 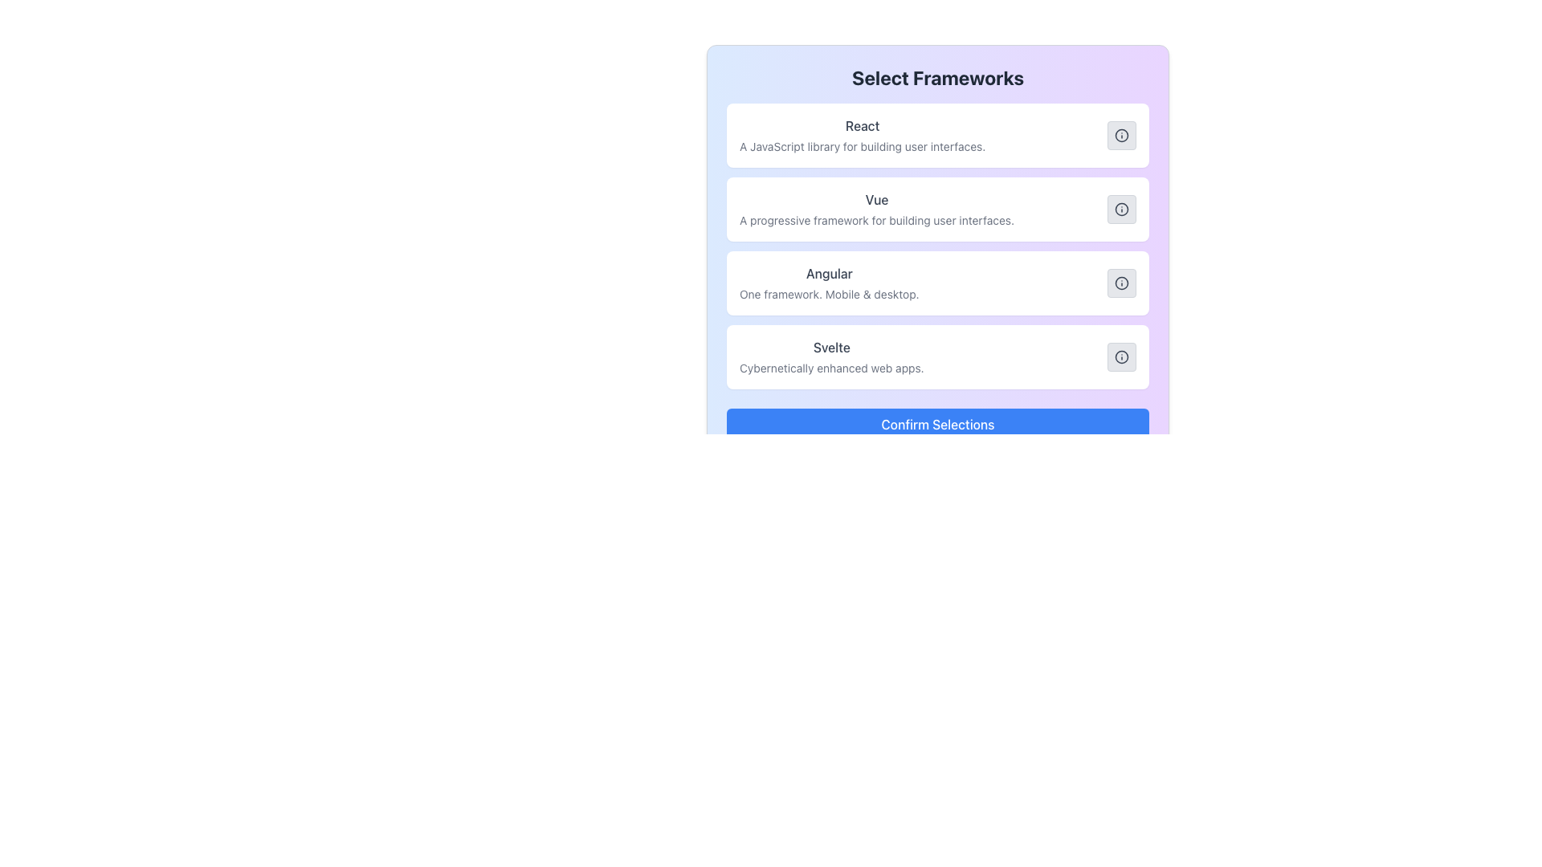 I want to click on text label displaying 'React' and its description, which is located at the top of the 'Select Frameworks' interface, so click(x=862, y=135).